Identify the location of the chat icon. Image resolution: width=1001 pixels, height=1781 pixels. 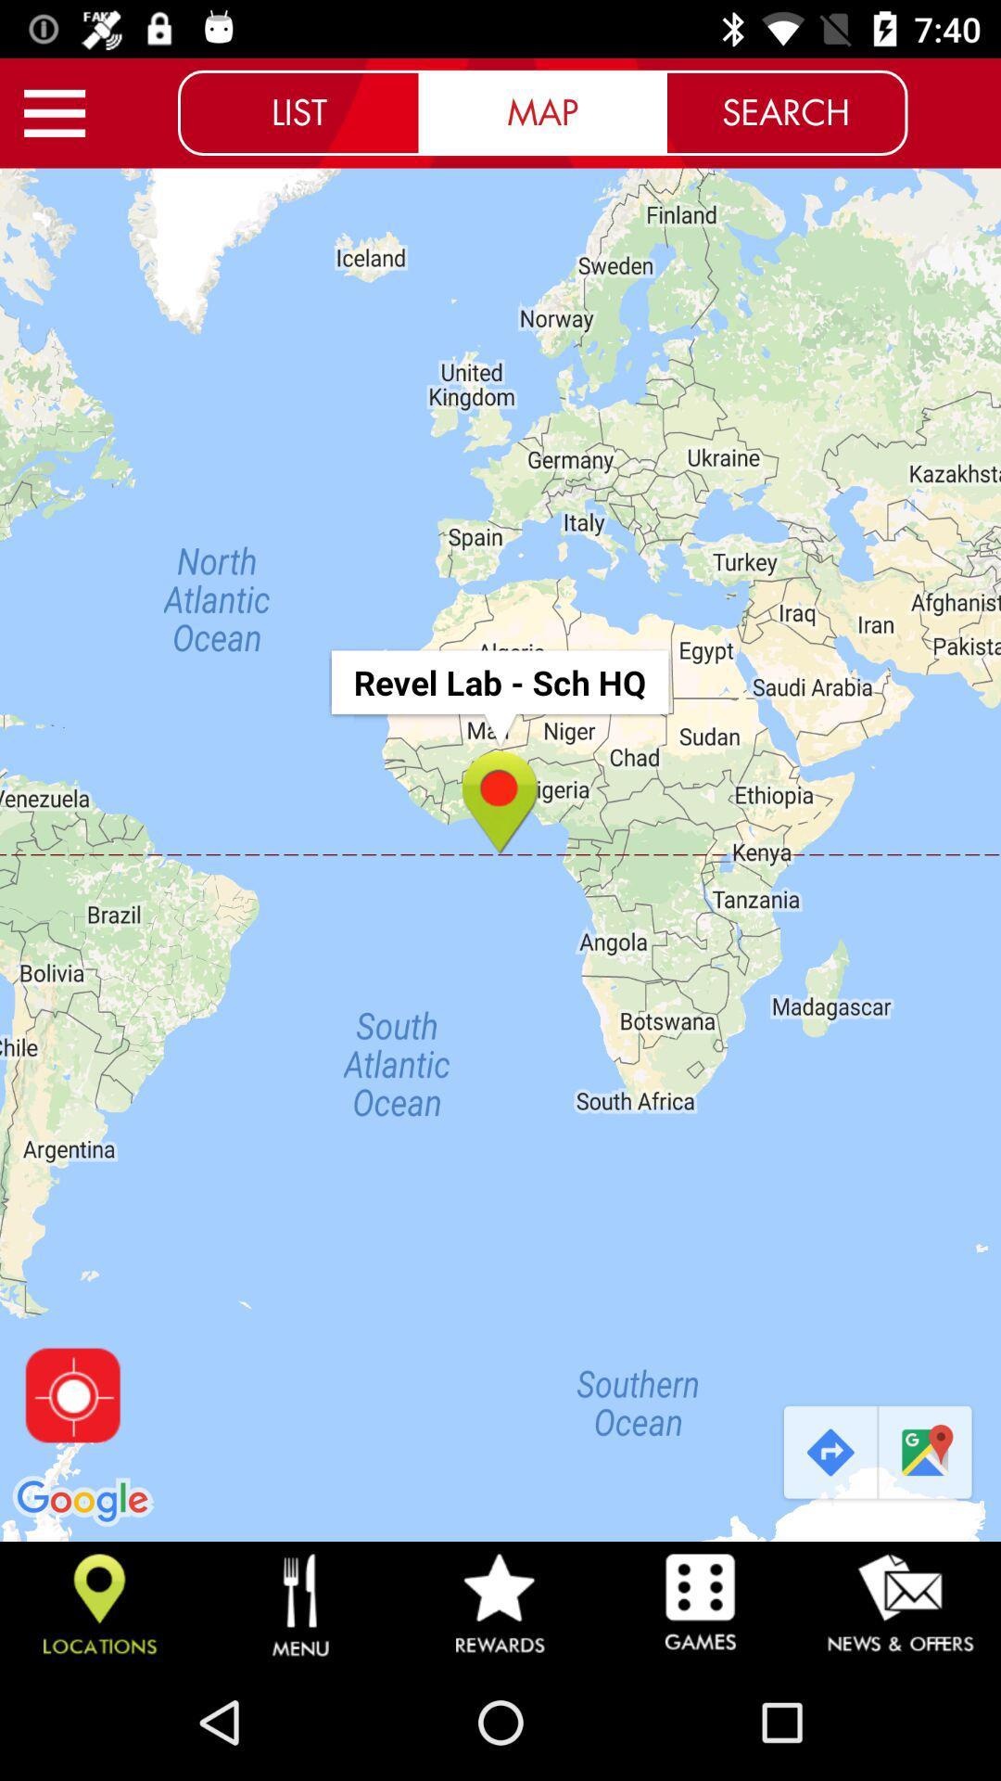
(927, 1453).